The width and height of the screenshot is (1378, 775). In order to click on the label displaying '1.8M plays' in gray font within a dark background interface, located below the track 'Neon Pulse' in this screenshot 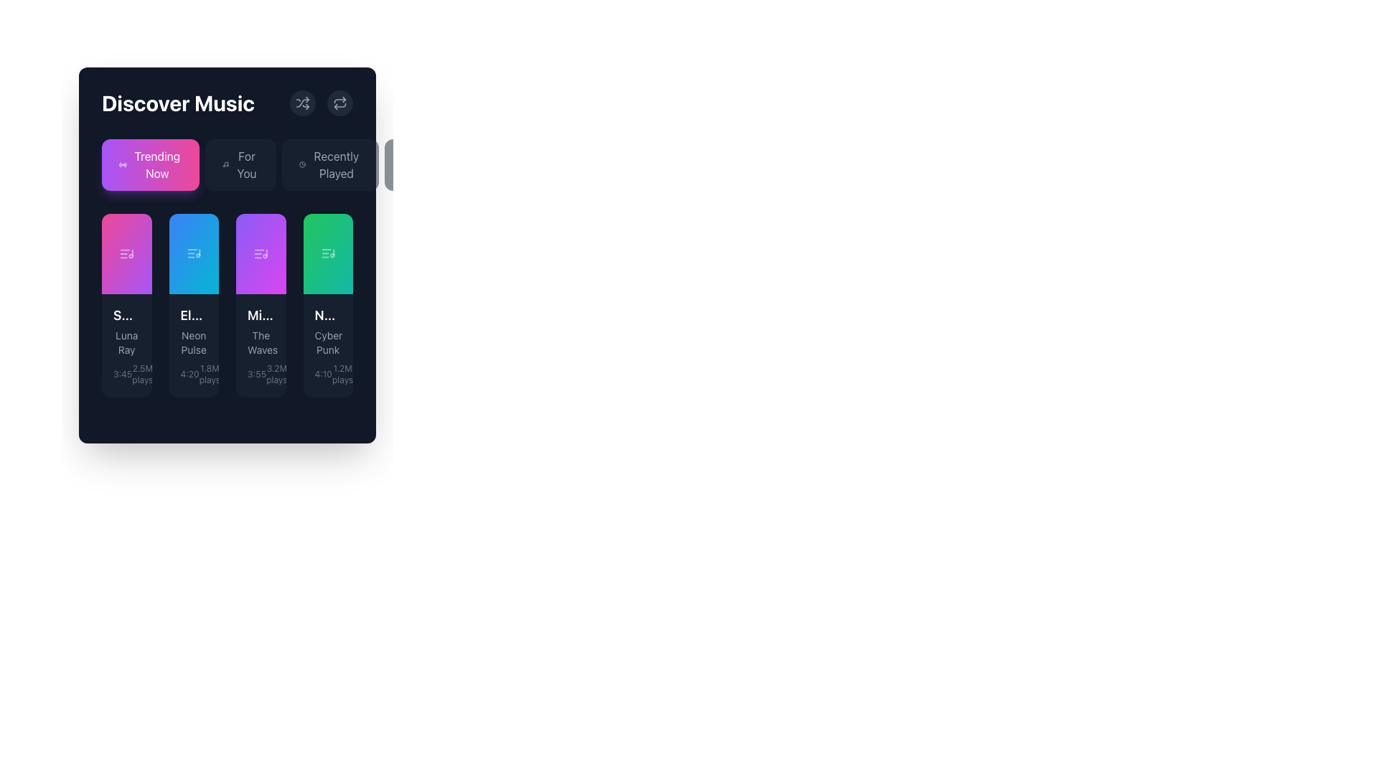, I will do `click(209, 373)`.